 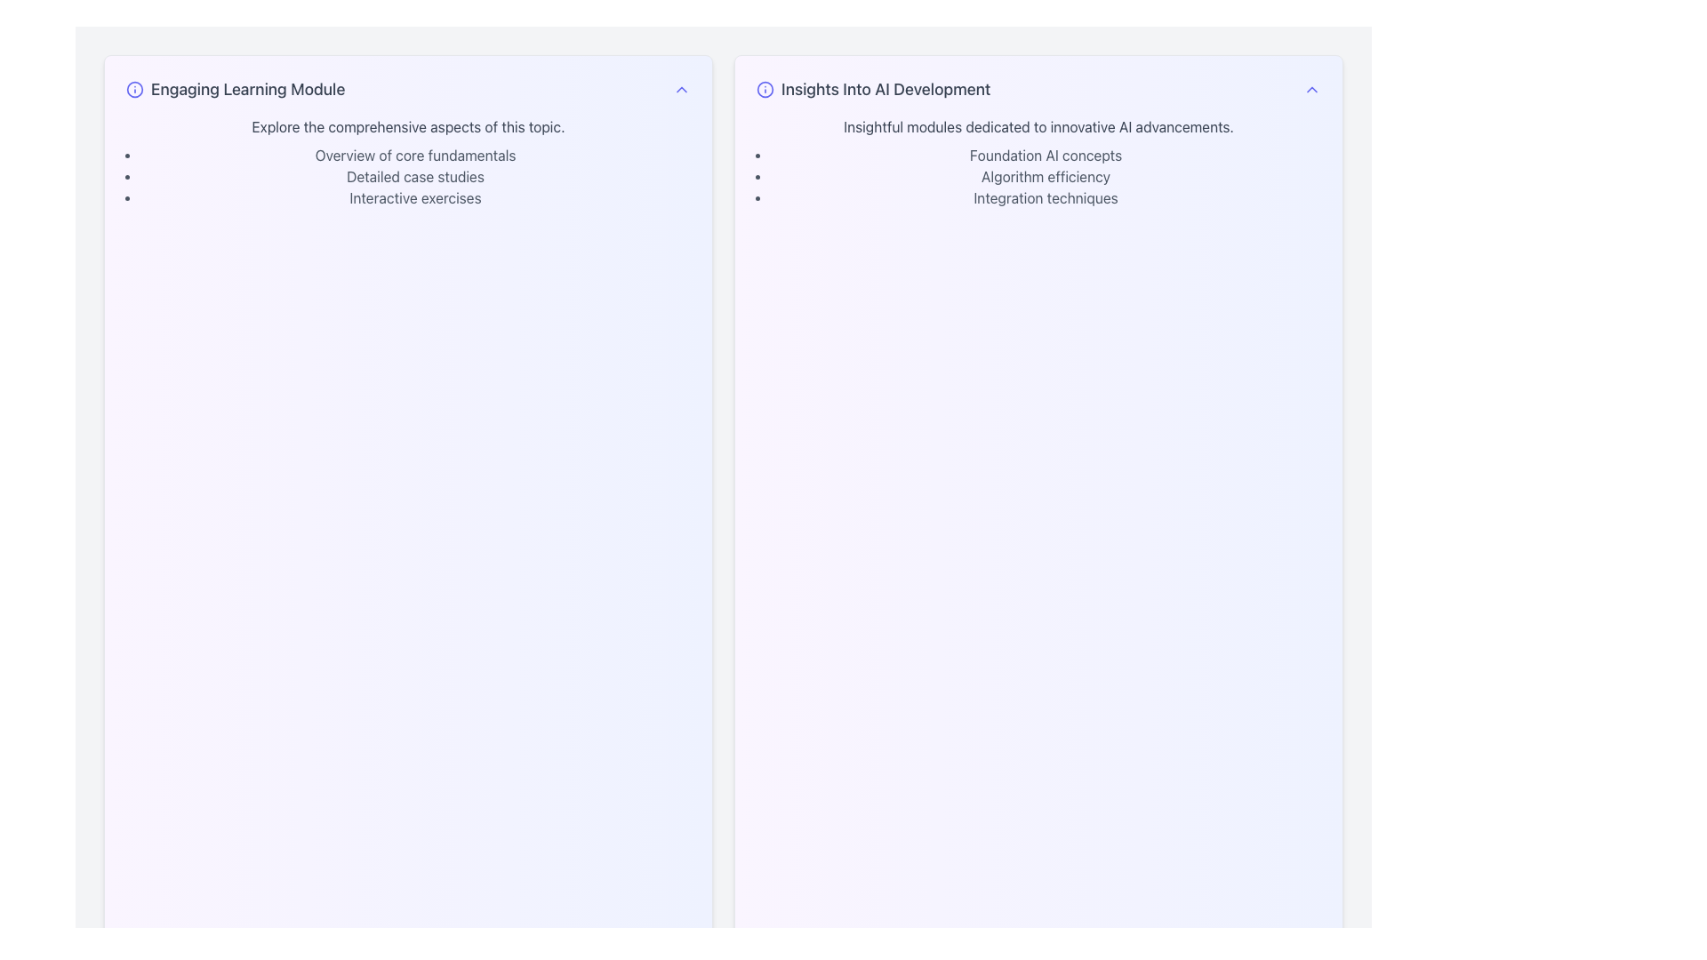 I want to click on bulleted list element containing 'Overview of core fundamentals', 'Detailed case studies', and 'Interactive exercises' styled in gray, located below the descriptive text in the 'Engaging Learning Module' section, so click(x=414, y=177).